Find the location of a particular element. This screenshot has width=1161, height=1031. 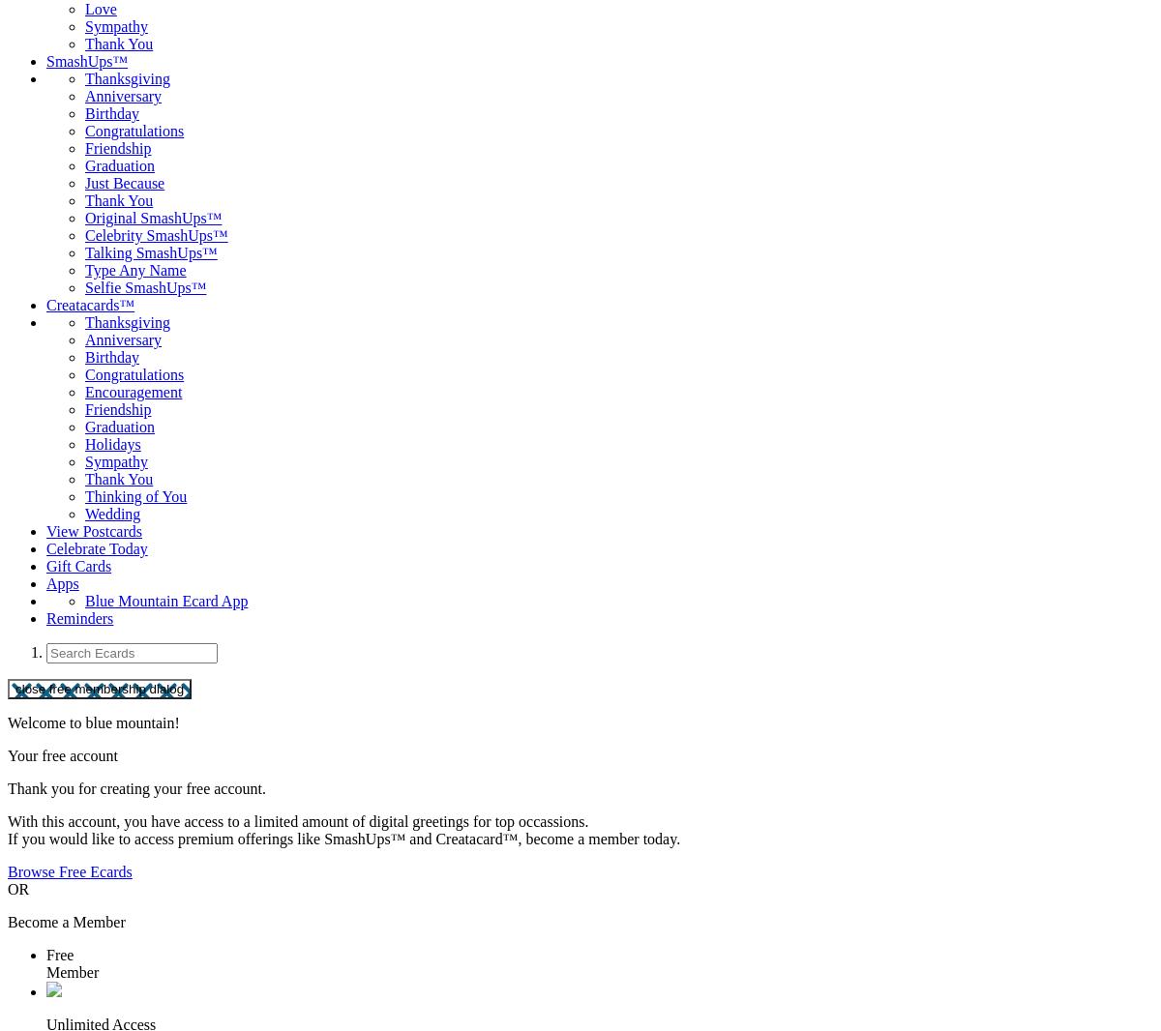

'Thinking of You' is located at coordinates (84, 496).